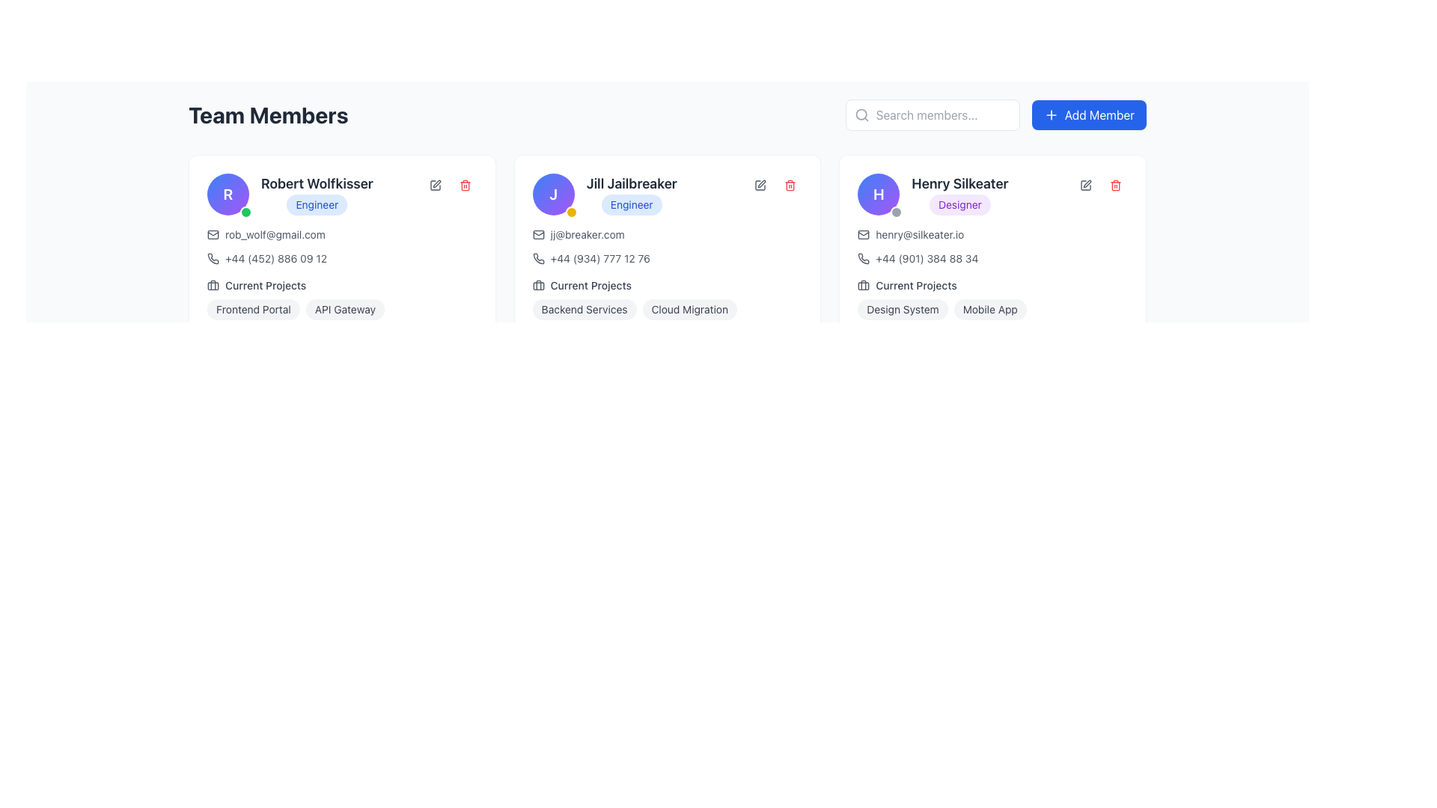  What do you see at coordinates (341, 234) in the screenshot?
I see `the email address 'rob_wolf@gmail.com' displayed in the contact card of 'Robert Wolfkisser' to compose an email` at bounding box center [341, 234].